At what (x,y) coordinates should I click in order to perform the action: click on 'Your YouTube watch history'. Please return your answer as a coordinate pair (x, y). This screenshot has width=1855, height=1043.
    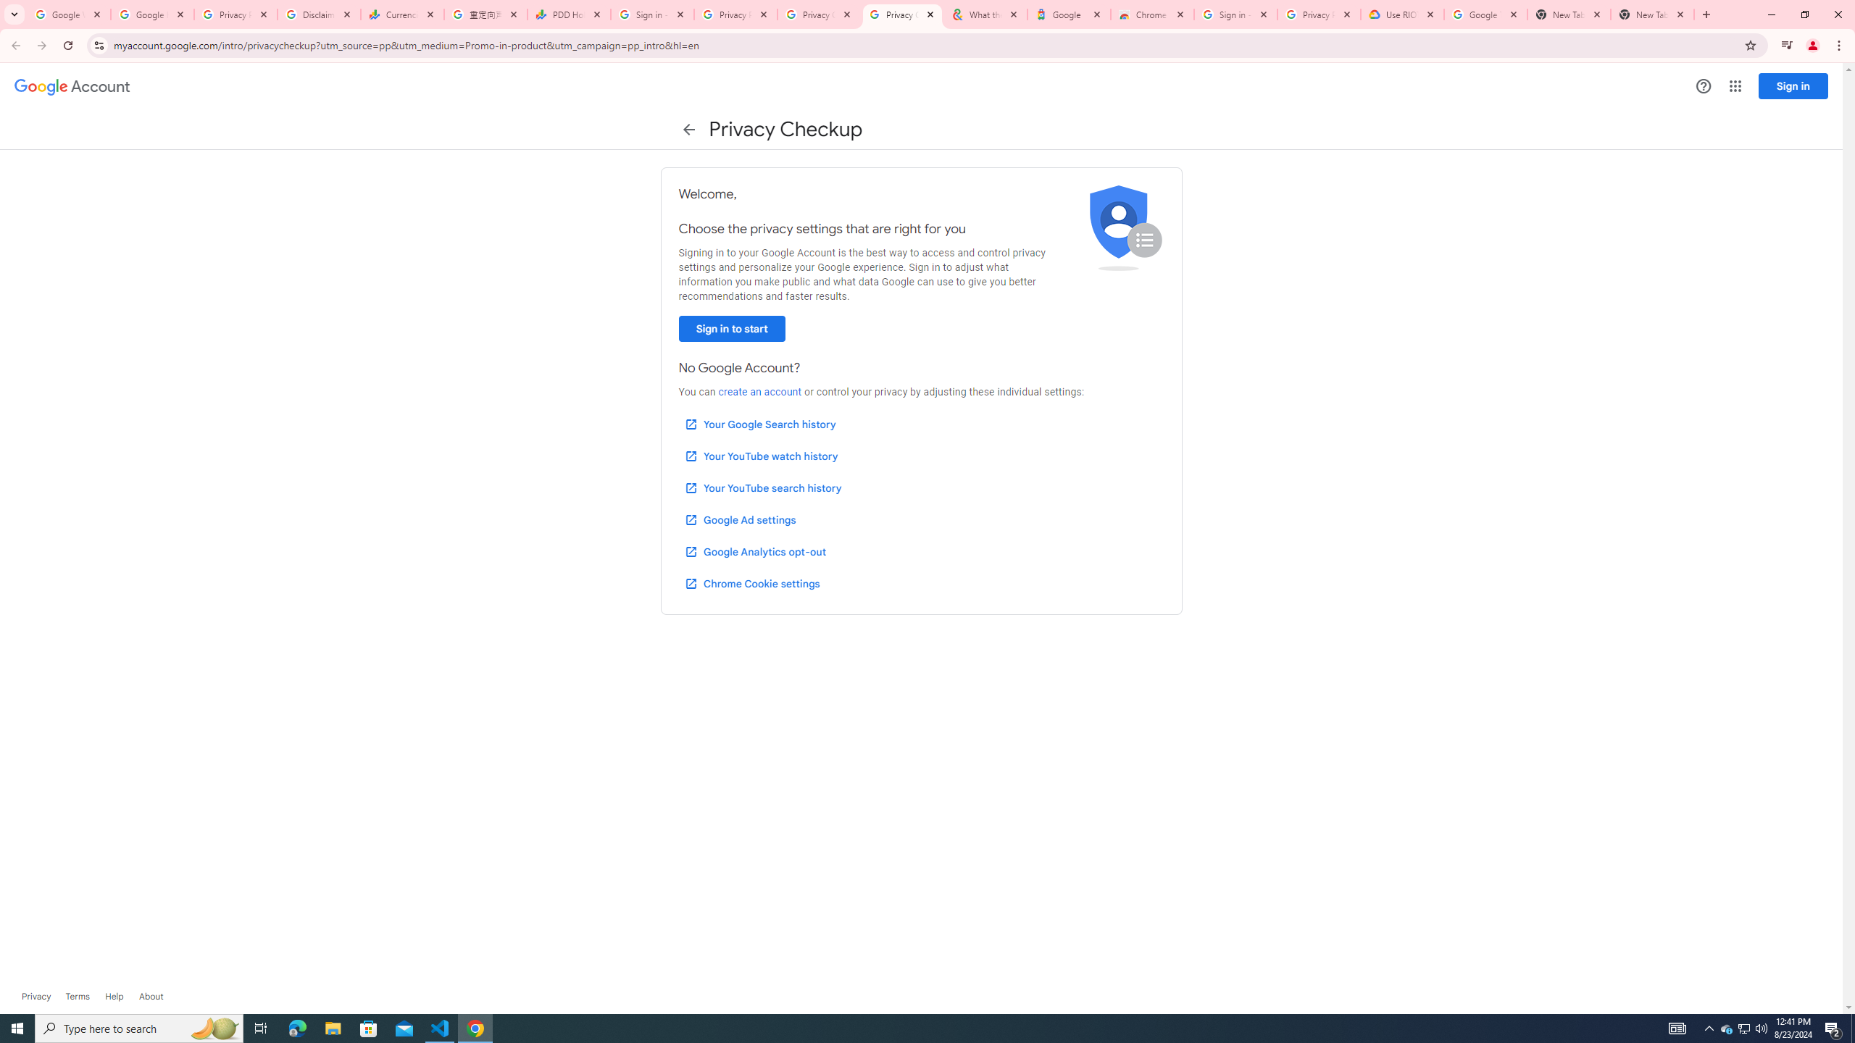
    Looking at the image, I should click on (760, 456).